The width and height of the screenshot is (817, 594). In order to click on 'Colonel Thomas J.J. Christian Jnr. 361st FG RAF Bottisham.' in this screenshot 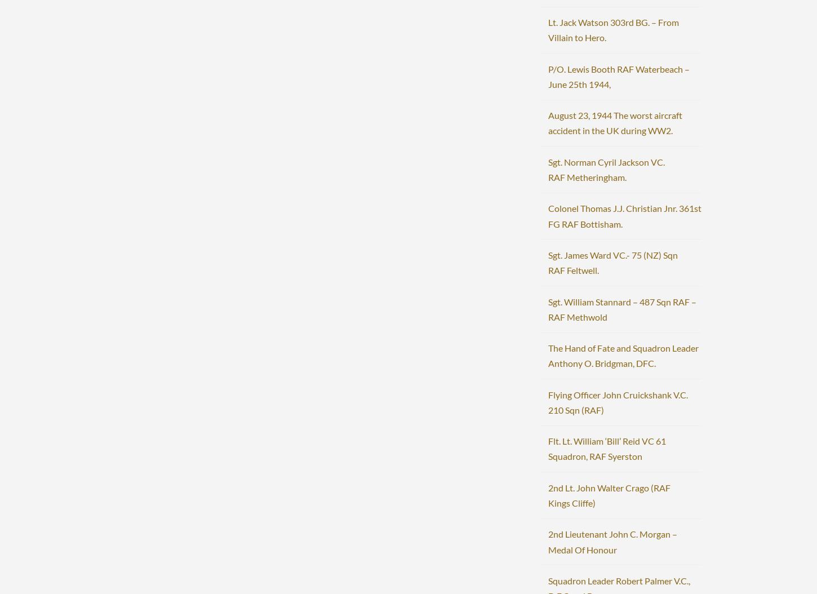, I will do `click(623, 215)`.